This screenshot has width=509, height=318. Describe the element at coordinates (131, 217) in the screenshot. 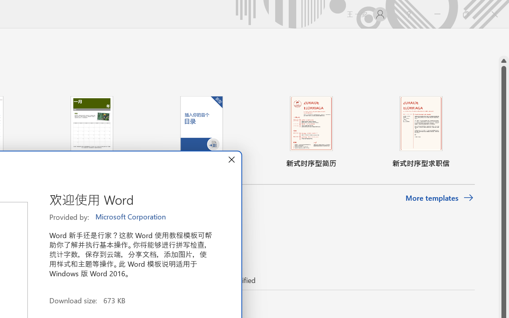

I see `'Microsoft Corporation'` at that location.